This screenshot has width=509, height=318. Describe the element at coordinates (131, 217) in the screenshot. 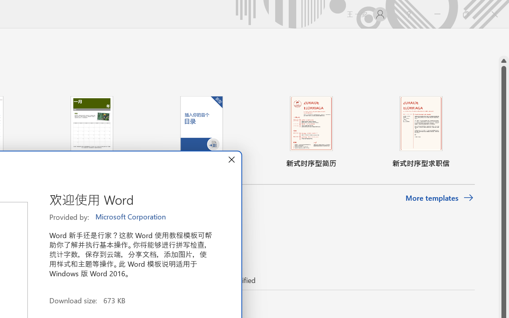

I see `'Microsoft Corporation'` at that location.